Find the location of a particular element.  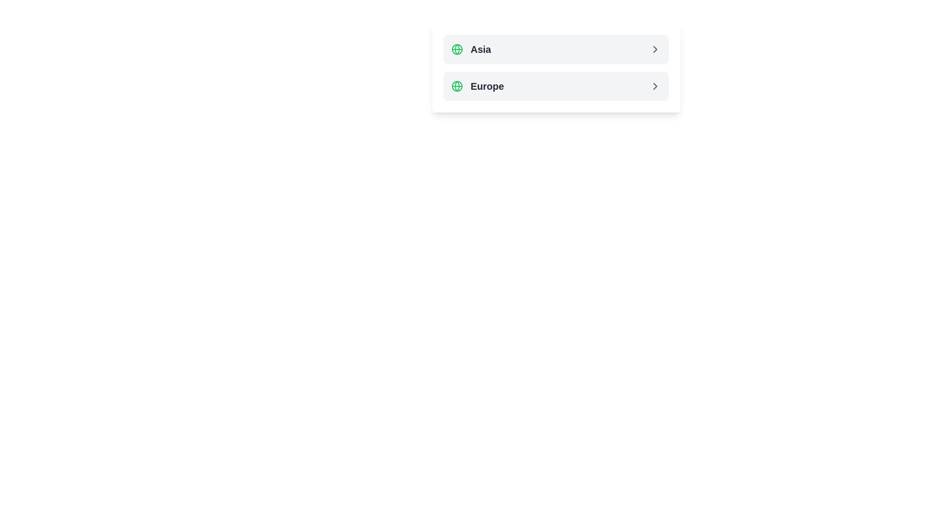

the green globe icon located immediately to the left of the text 'Asia' in the top row of a list is located at coordinates (456, 49).